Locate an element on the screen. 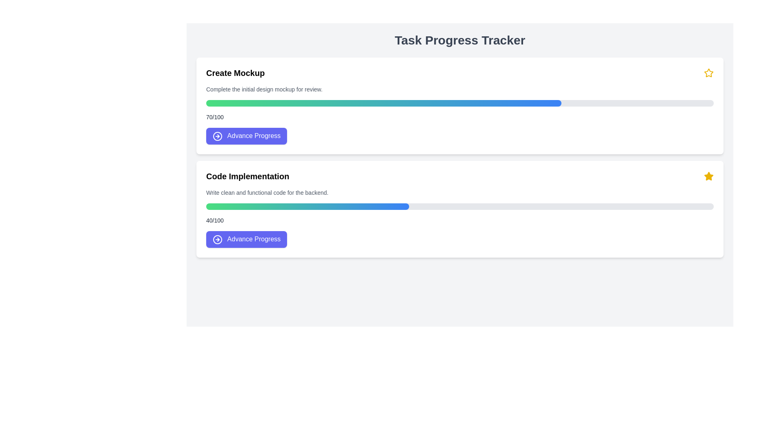 The image size is (784, 441). the static text that reads 'Complete the initial design mockup for review.' located beneath the 'Create Mockup' header in the upper half of the interface is located at coordinates (264, 89).